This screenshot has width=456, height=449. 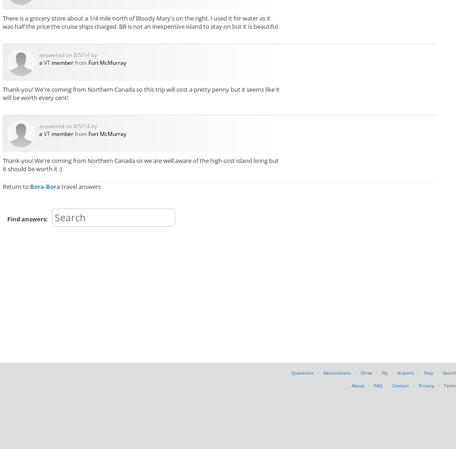 What do you see at coordinates (400, 384) in the screenshot?
I see `'Contact'` at bounding box center [400, 384].